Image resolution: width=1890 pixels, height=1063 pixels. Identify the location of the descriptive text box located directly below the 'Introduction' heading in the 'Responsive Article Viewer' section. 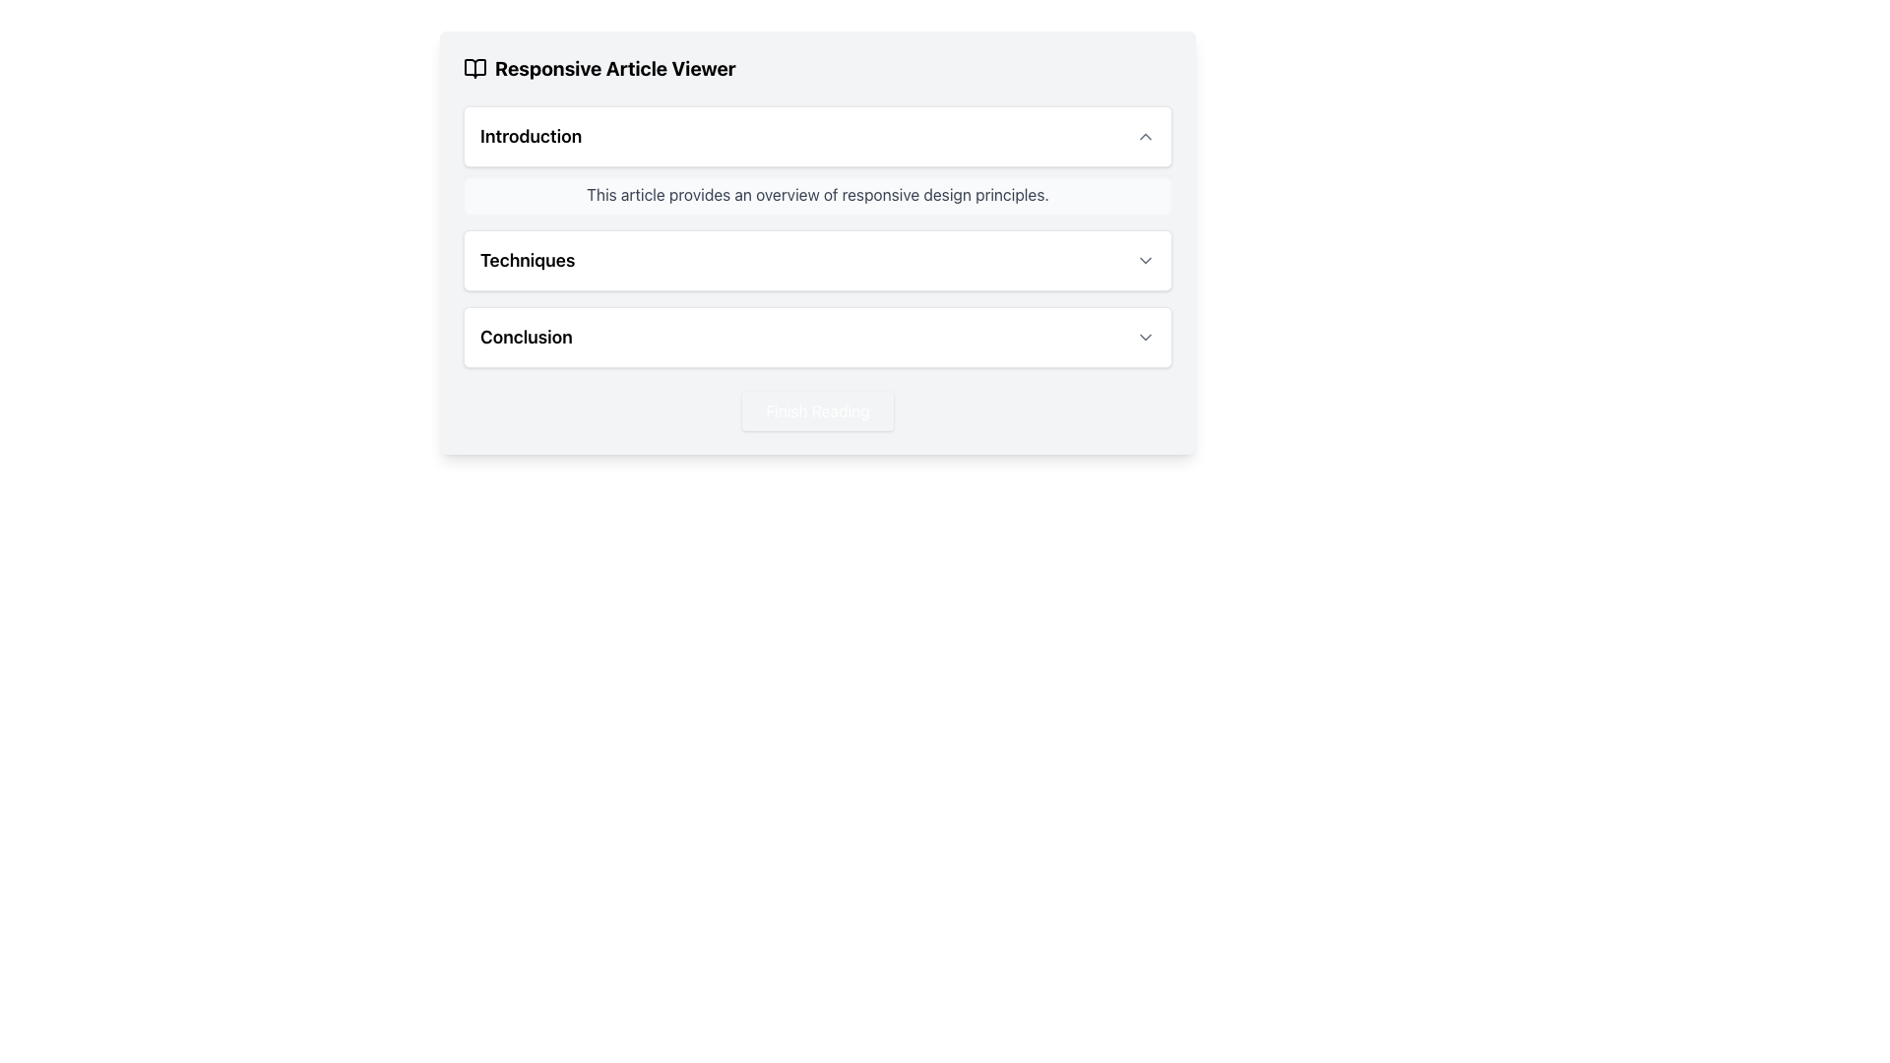
(817, 194).